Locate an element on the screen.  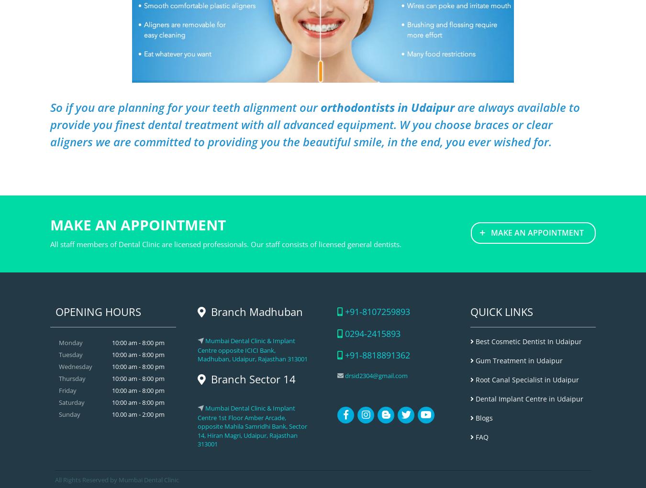
'orthodontists in Udaipur' is located at coordinates (388, 107).